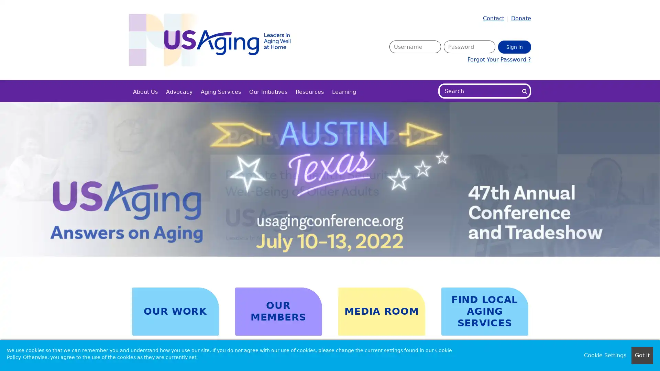 This screenshot has width=660, height=371. What do you see at coordinates (515, 46) in the screenshot?
I see `Sign In` at bounding box center [515, 46].